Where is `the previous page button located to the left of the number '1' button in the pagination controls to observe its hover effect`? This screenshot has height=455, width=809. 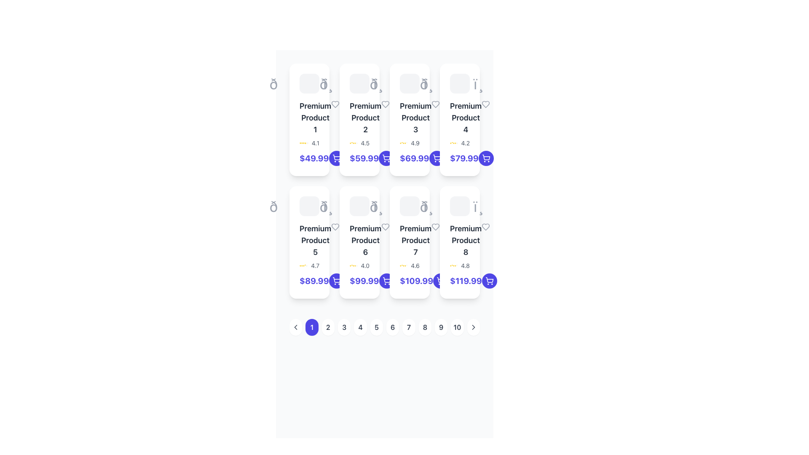
the previous page button located to the left of the number '1' button in the pagination controls to observe its hover effect is located at coordinates (296, 327).